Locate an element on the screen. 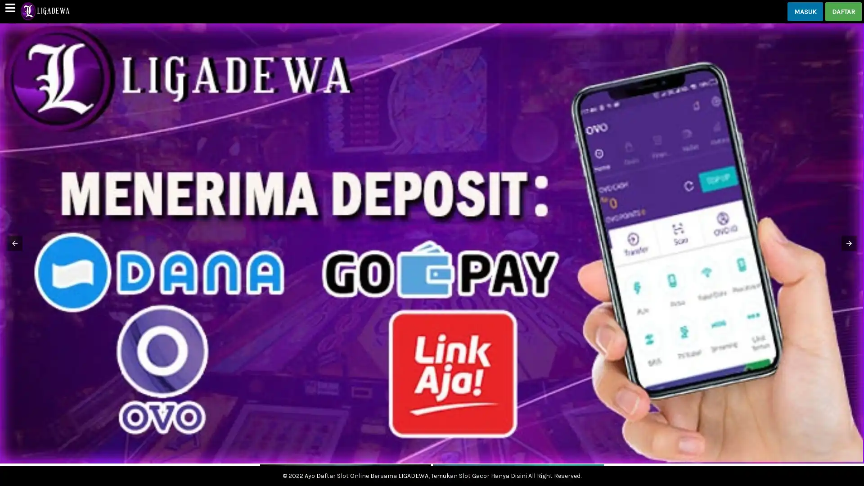 This screenshot has width=864, height=486. Next item in carousel (2 of 3) is located at coordinates (848, 243).